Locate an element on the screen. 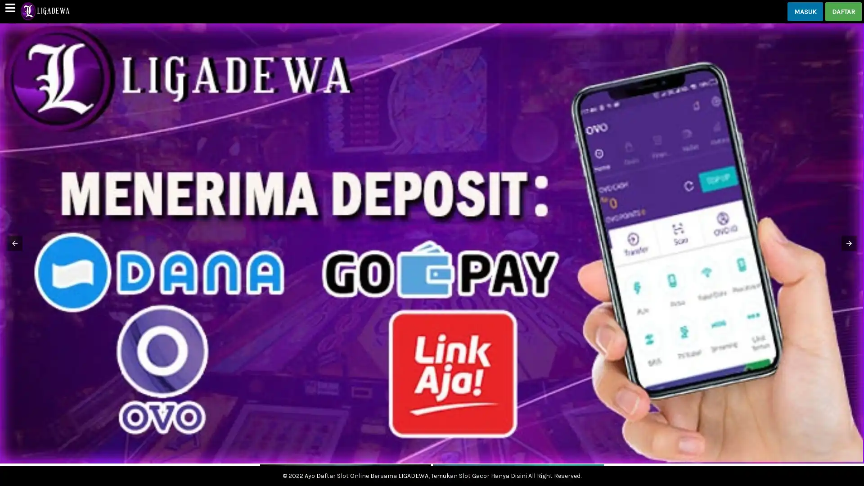 This screenshot has width=864, height=486. Next item in carousel (2 of 3) is located at coordinates (848, 243).